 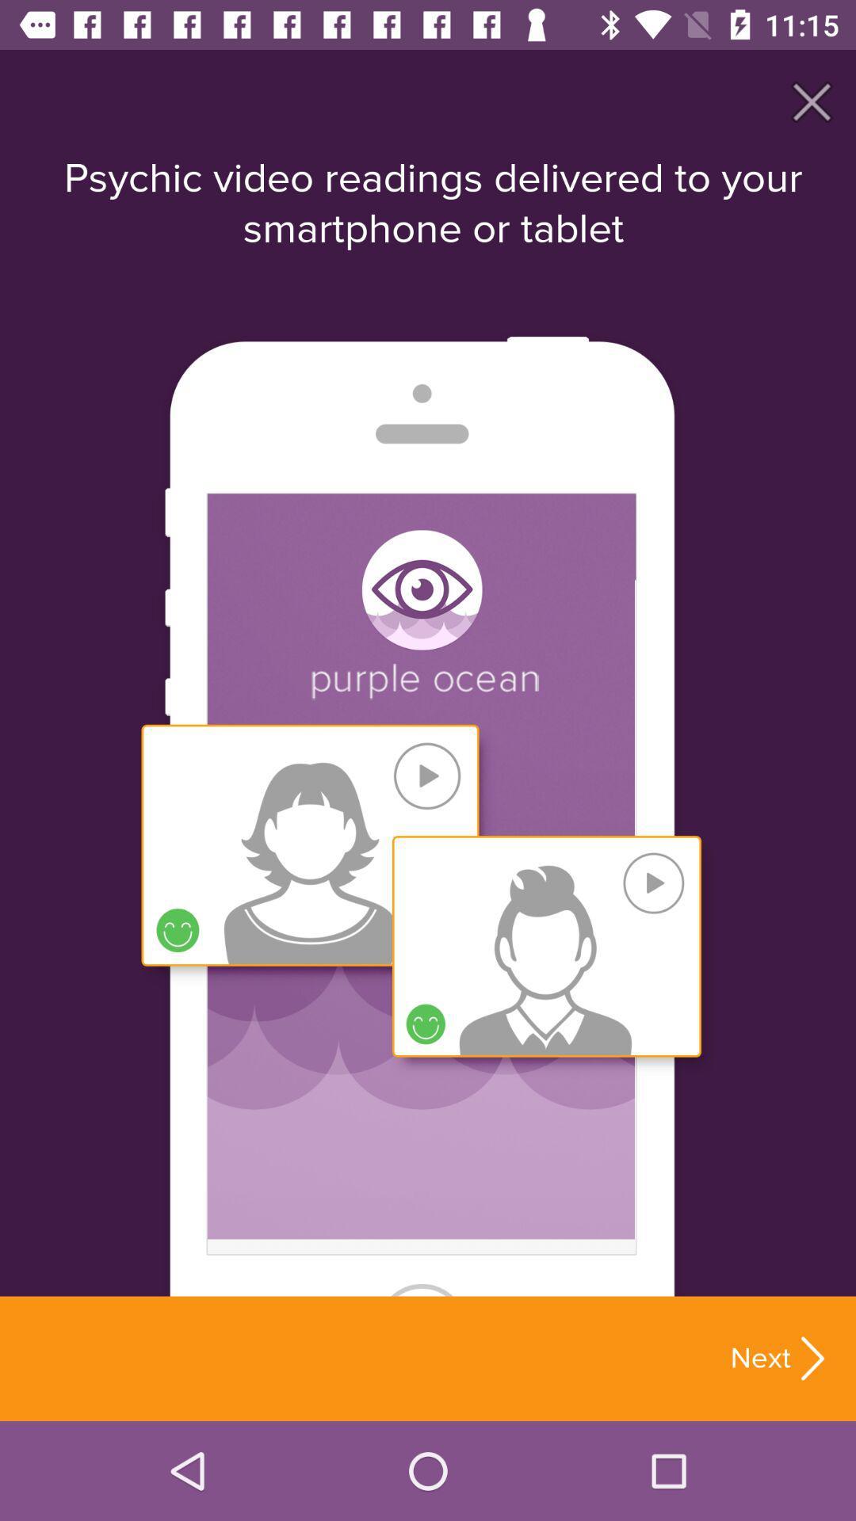 What do you see at coordinates (812, 101) in the screenshot?
I see `the close icon` at bounding box center [812, 101].